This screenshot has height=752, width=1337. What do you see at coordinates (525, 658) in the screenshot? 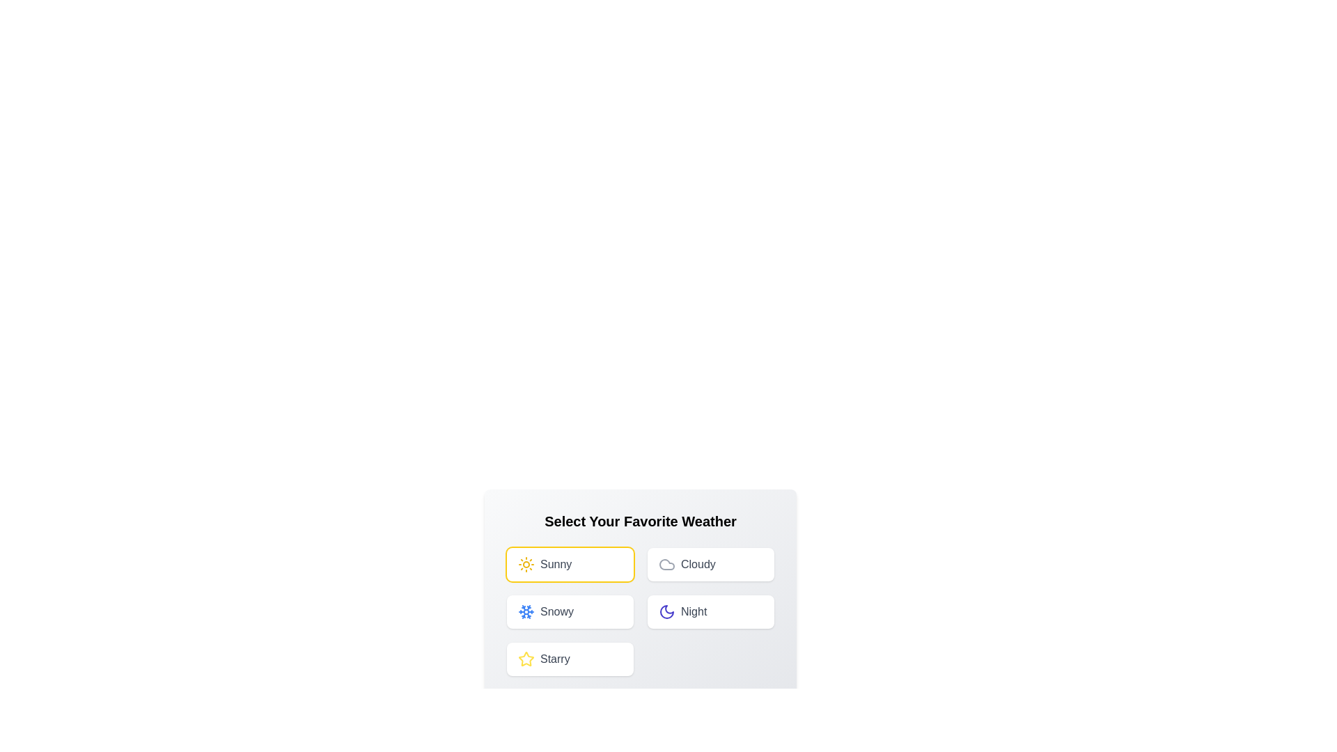
I see `the 'Starry' weather condition icon located at the bottom right corner of the selection module` at bounding box center [525, 658].